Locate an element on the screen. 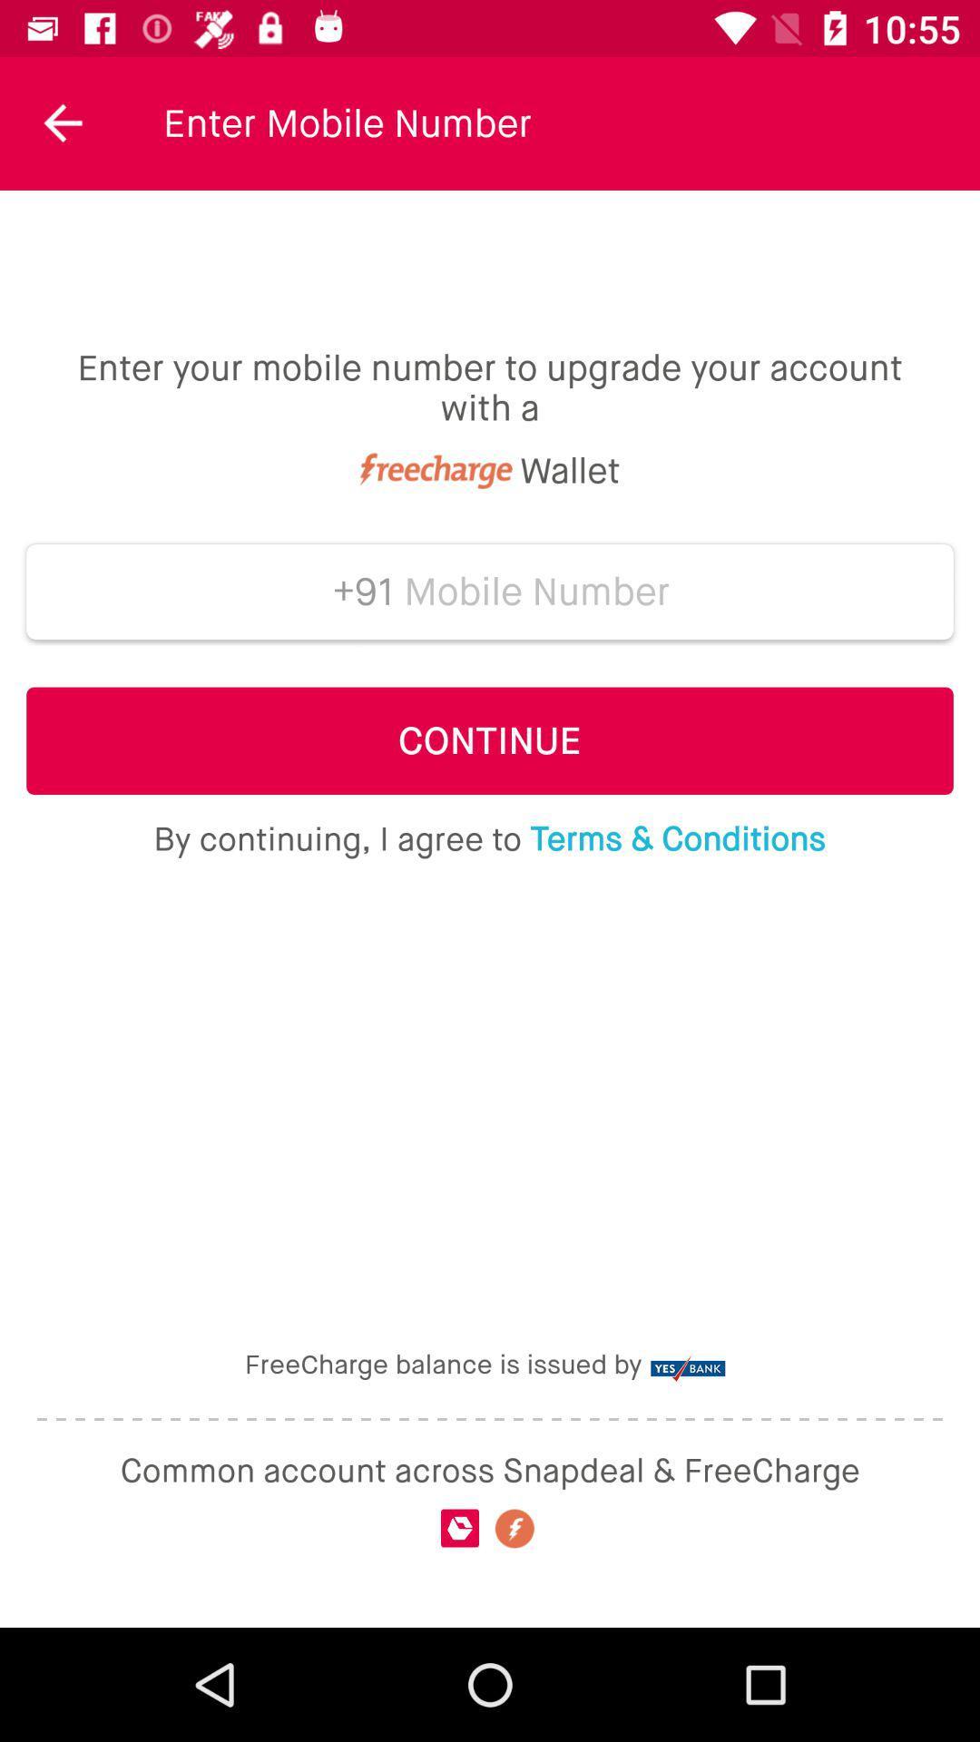 The image size is (980, 1742). the snapdeal icon on the web page is located at coordinates (458, 1527).